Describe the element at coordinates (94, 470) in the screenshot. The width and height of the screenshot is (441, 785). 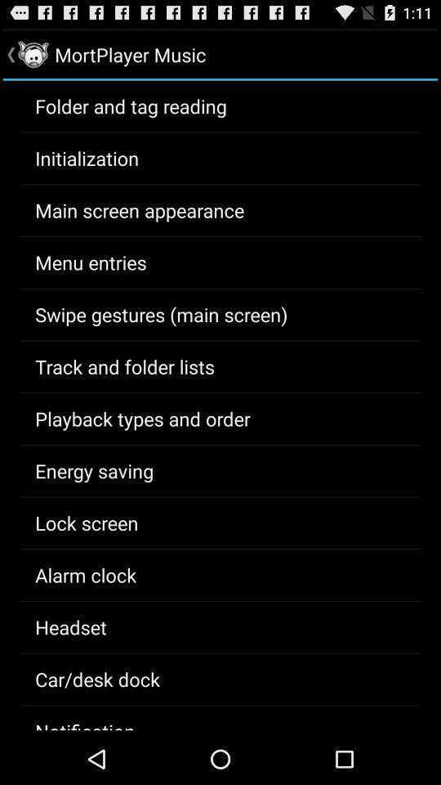
I see `energy saving icon` at that location.